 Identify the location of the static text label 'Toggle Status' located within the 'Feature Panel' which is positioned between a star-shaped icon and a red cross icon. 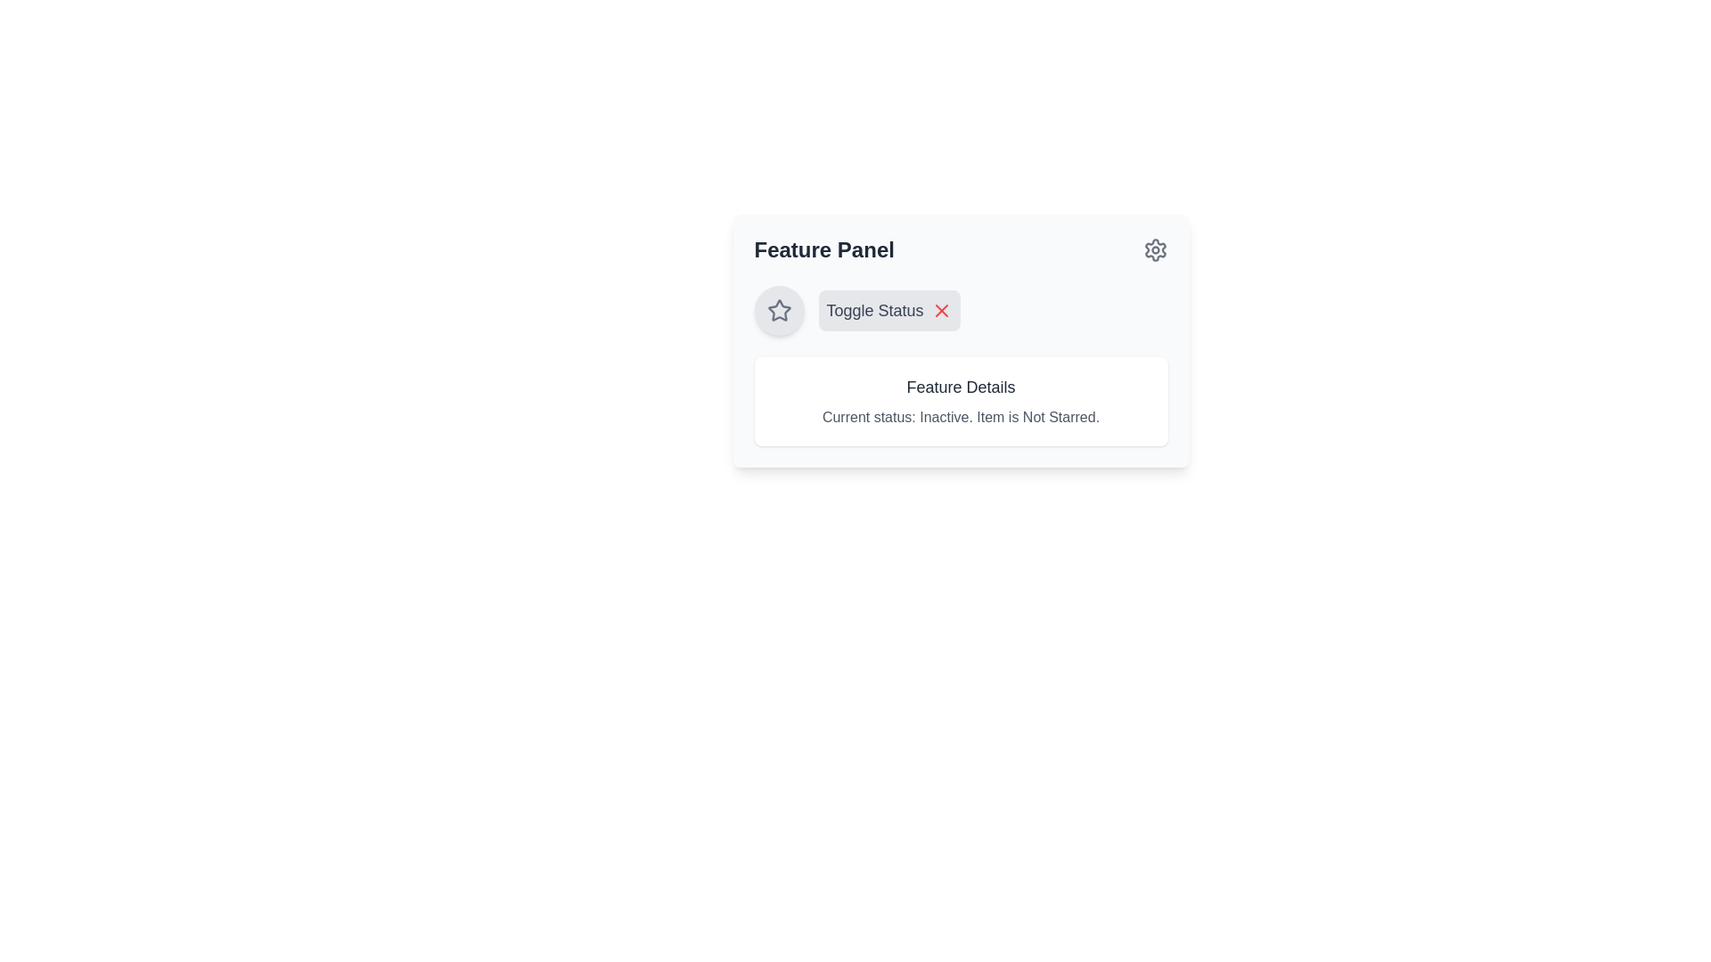
(875, 309).